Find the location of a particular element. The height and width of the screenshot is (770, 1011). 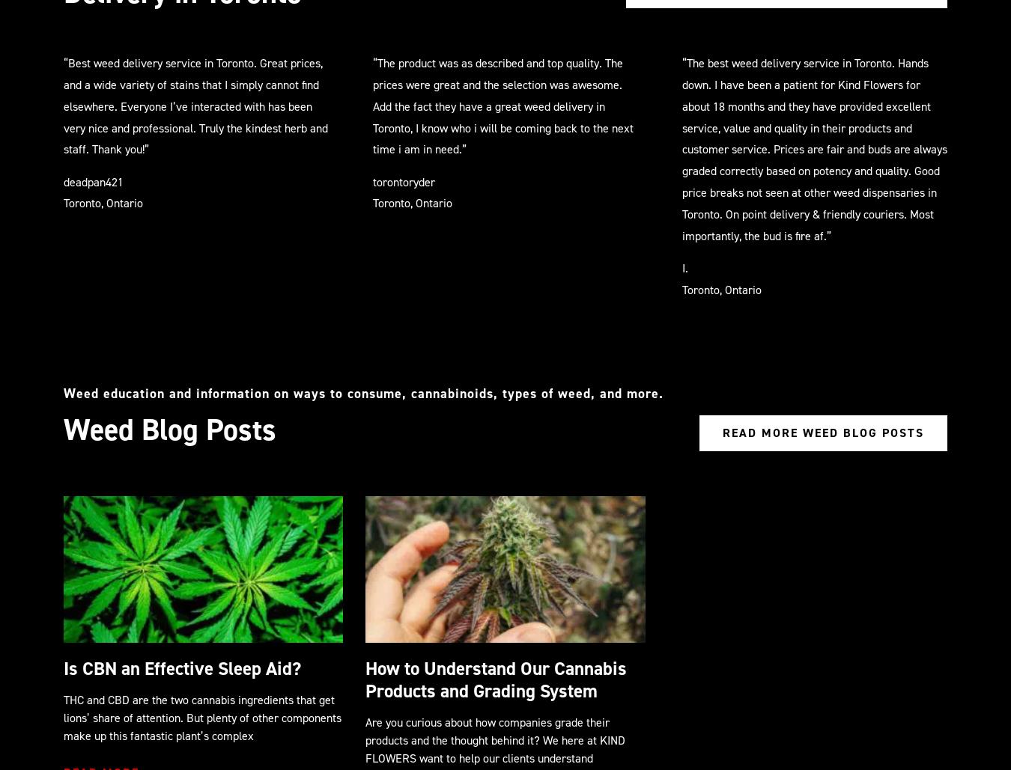

'deadpan421' is located at coordinates (94, 180).